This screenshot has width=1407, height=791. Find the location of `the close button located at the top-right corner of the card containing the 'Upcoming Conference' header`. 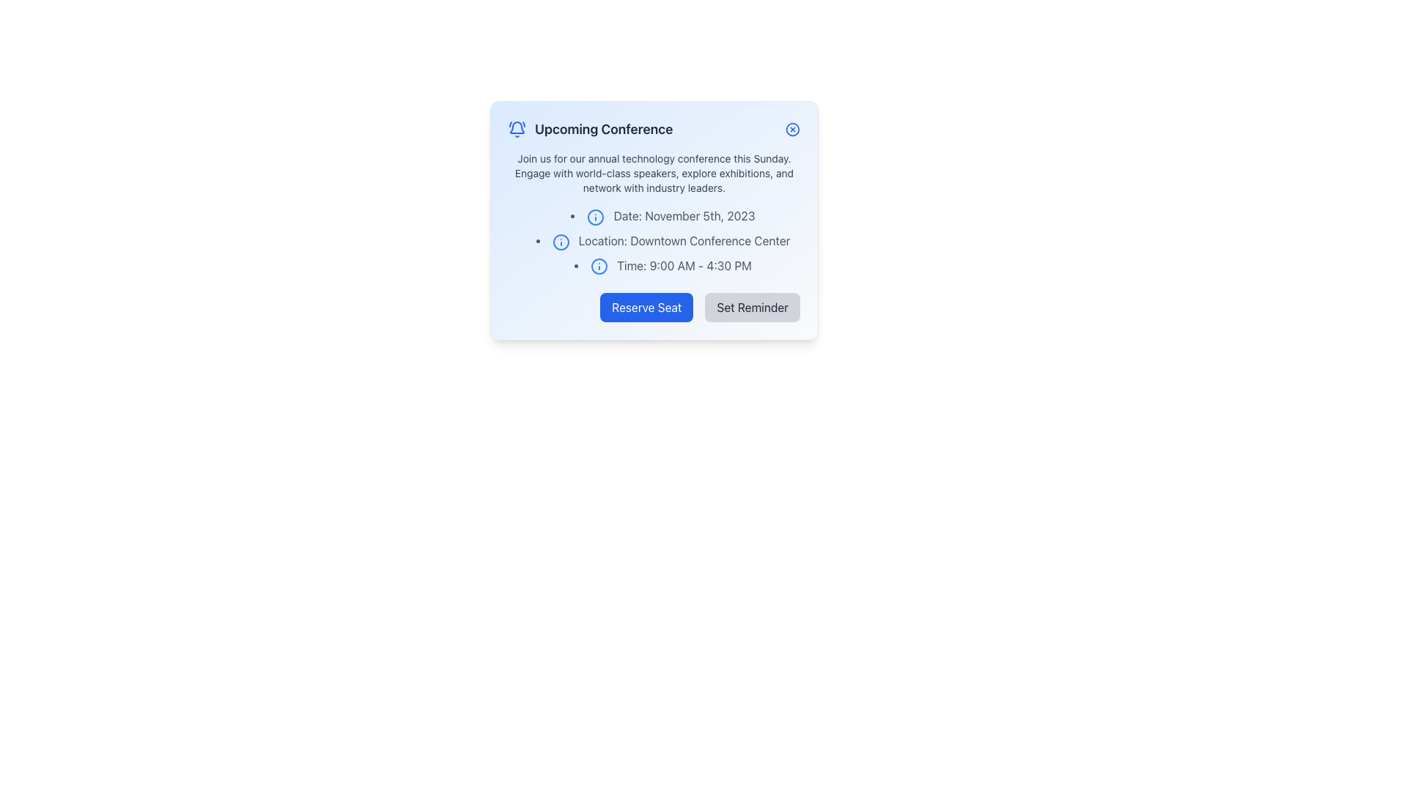

the close button located at the top-right corner of the card containing the 'Upcoming Conference' header is located at coordinates (791, 129).